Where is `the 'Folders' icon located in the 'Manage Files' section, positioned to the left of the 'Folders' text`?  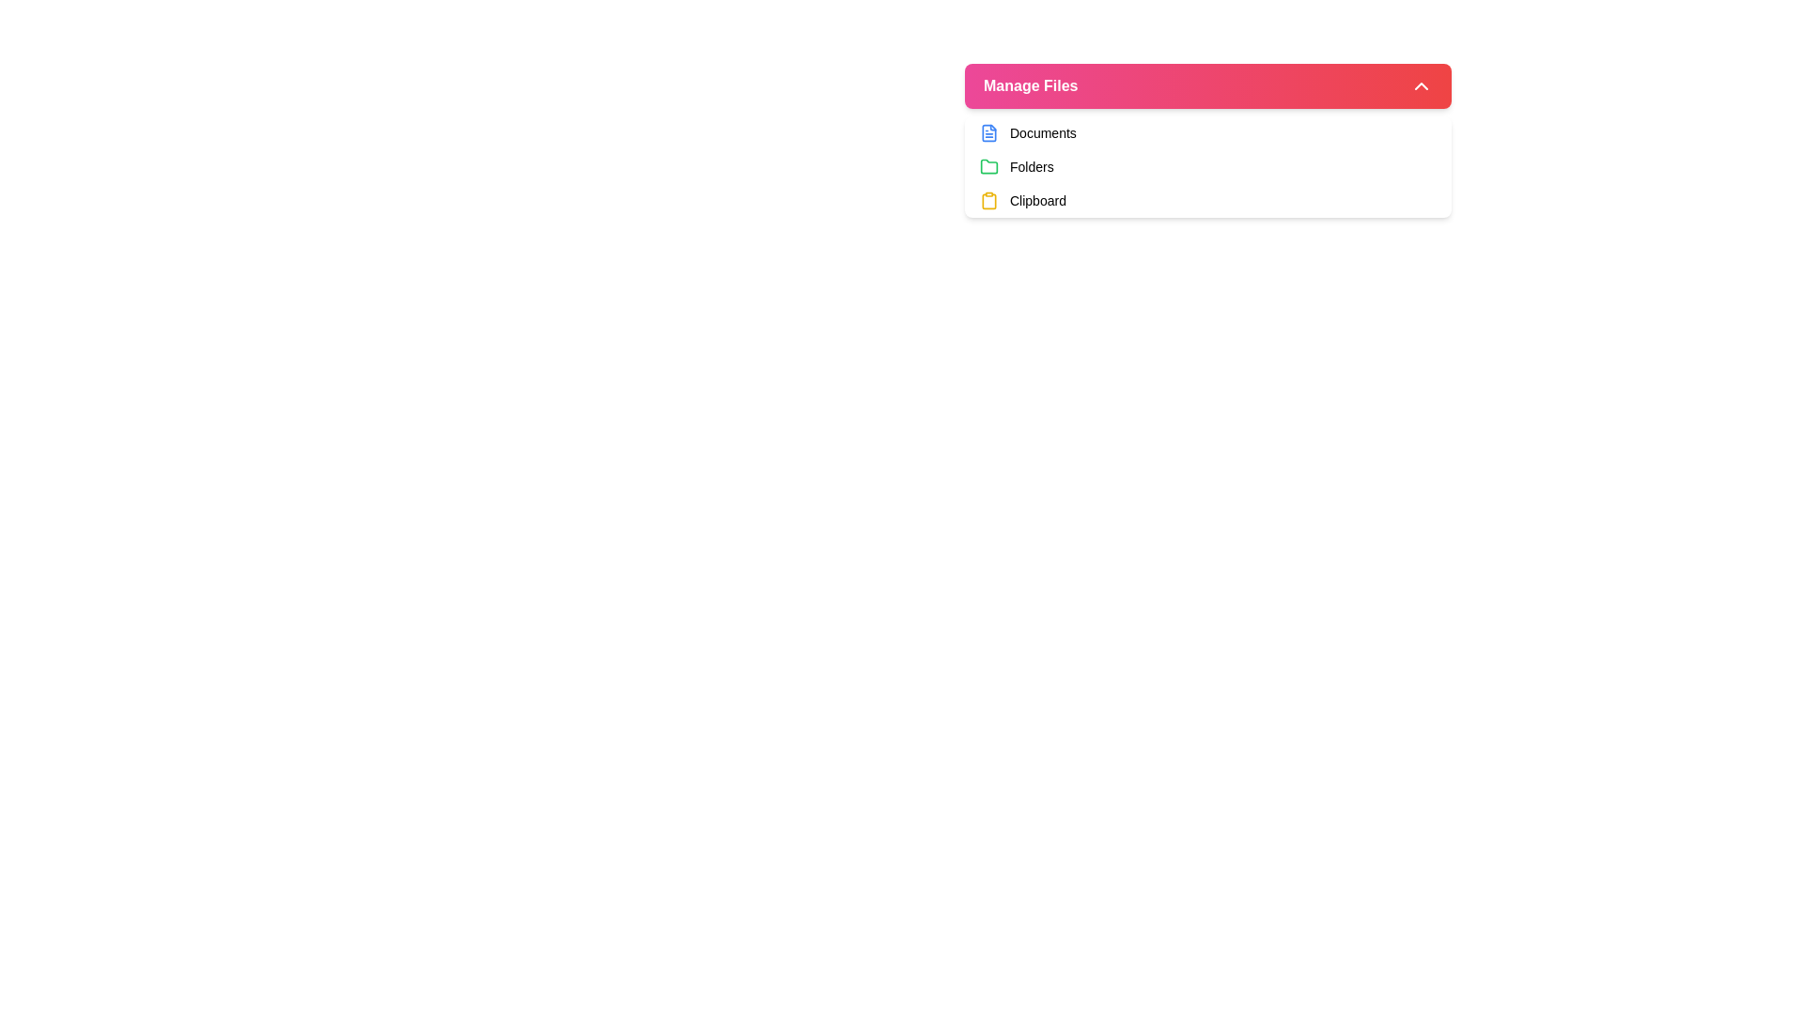 the 'Folders' icon located in the 'Manage Files' section, positioned to the left of the 'Folders' text is located at coordinates (988, 165).